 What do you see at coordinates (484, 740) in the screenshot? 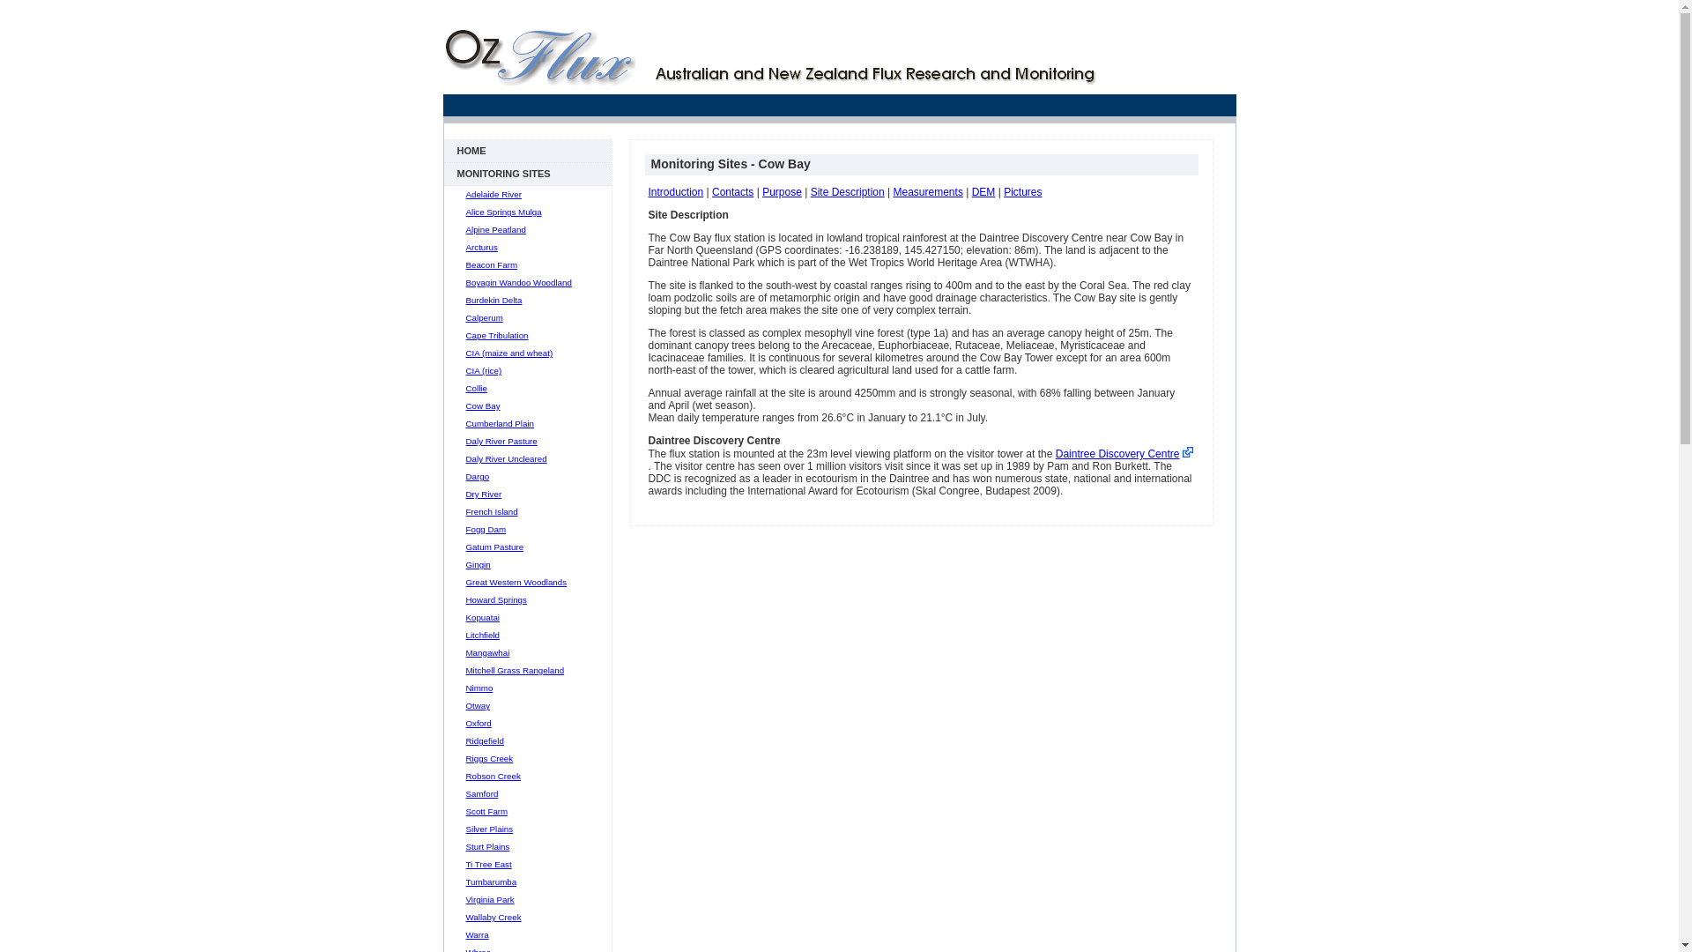
I see `'Ridgefield'` at bounding box center [484, 740].